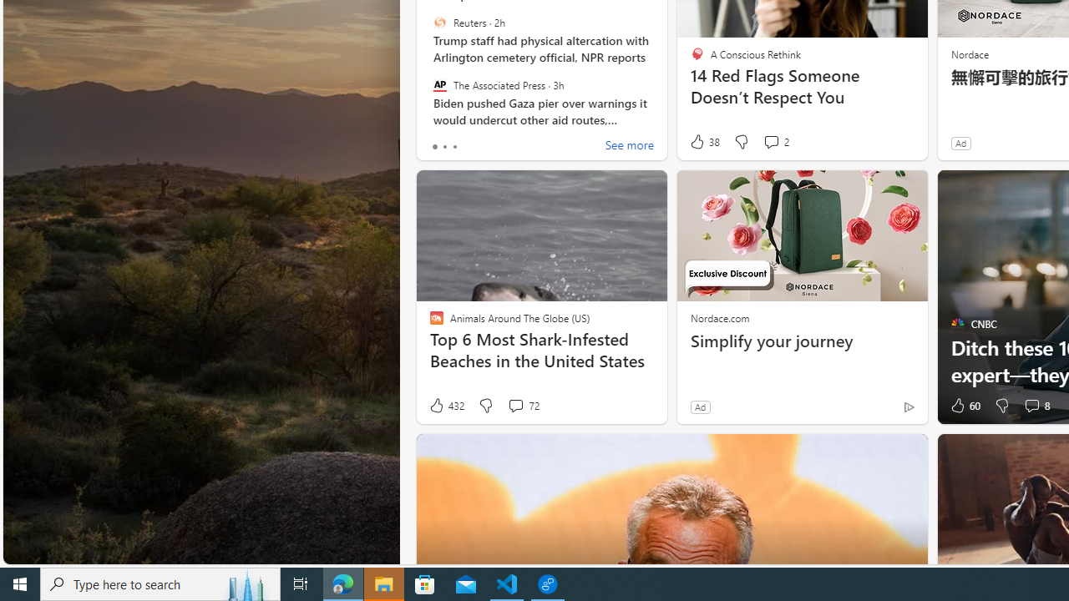 The width and height of the screenshot is (1069, 601). Describe the element at coordinates (908, 407) in the screenshot. I see `'Ad Choice'` at that location.